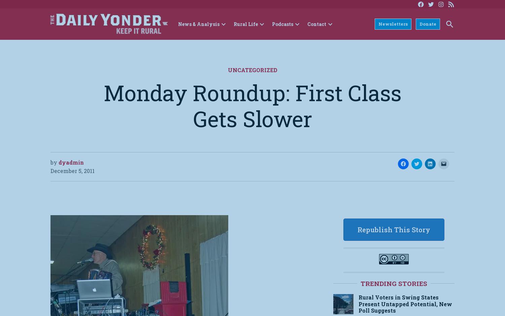 This screenshot has height=316, width=505. What do you see at coordinates (245, 24) in the screenshot?
I see `'Rural Life'` at bounding box center [245, 24].